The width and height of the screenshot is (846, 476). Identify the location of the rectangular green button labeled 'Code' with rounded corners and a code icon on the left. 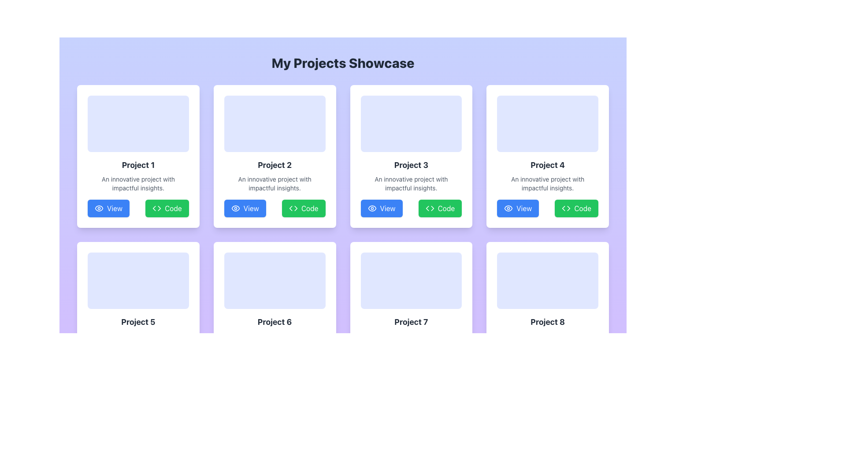
(304, 208).